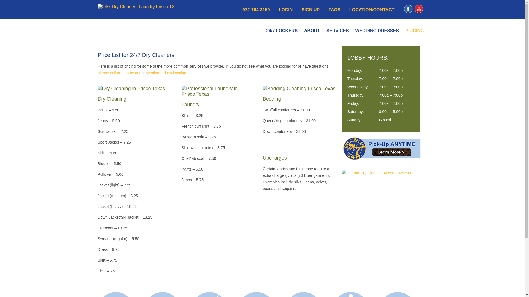  I want to click on 'FACEBOOK', so click(408, 12).